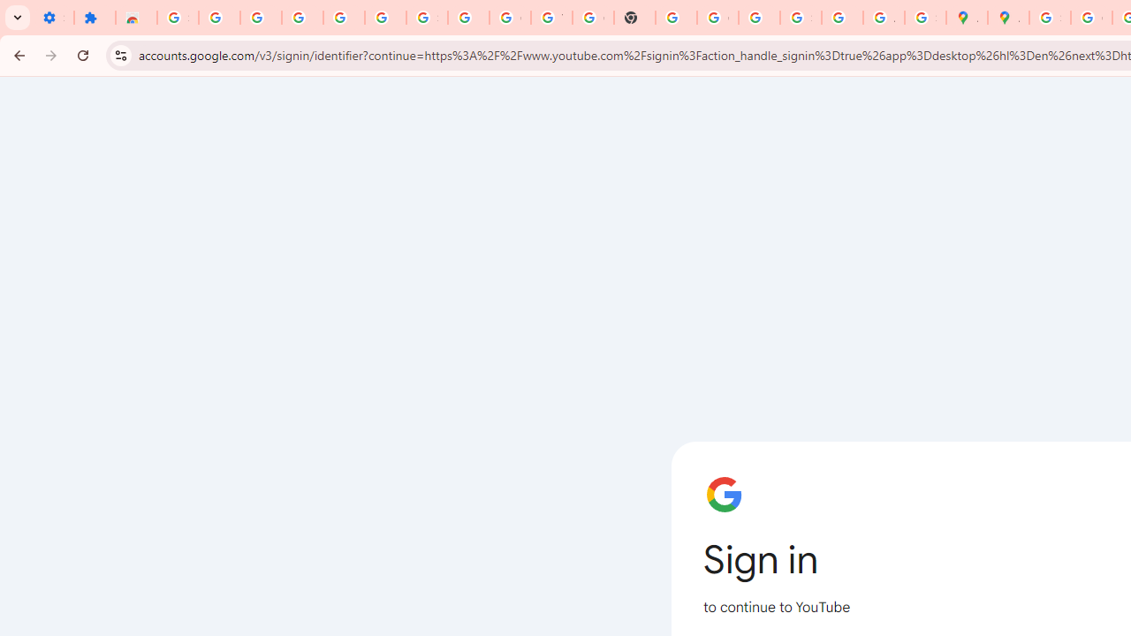  What do you see at coordinates (302, 18) in the screenshot?
I see `'Delete photos & videos - Computer - Google Photos Help'` at bounding box center [302, 18].